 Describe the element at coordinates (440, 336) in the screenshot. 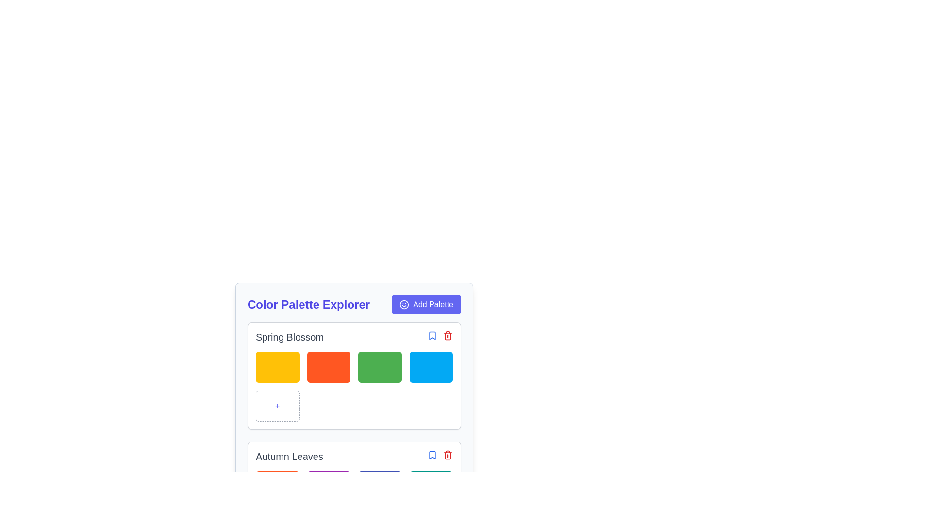

I see `the icon button that deletes the 'Spring Blossom' color palette` at that location.